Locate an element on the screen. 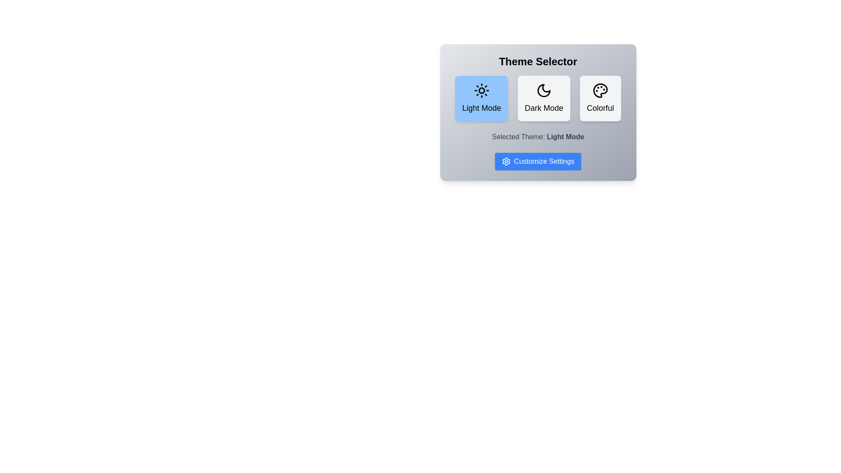 The width and height of the screenshot is (841, 473). the theme button to select Dark Mode is located at coordinates (544, 98).